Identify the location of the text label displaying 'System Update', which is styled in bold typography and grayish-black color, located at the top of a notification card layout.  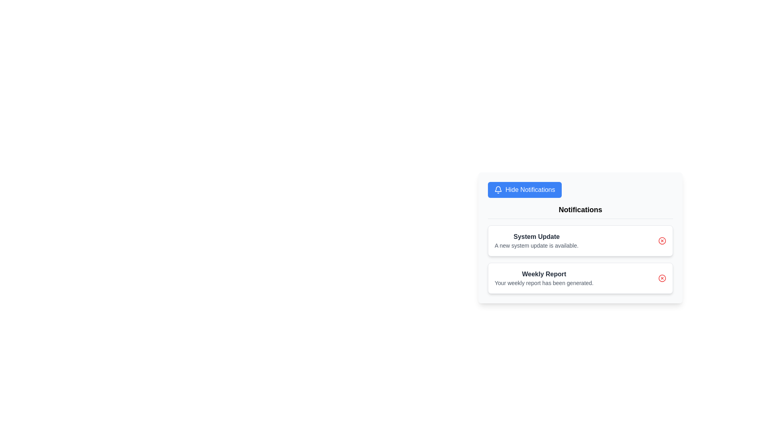
(537, 236).